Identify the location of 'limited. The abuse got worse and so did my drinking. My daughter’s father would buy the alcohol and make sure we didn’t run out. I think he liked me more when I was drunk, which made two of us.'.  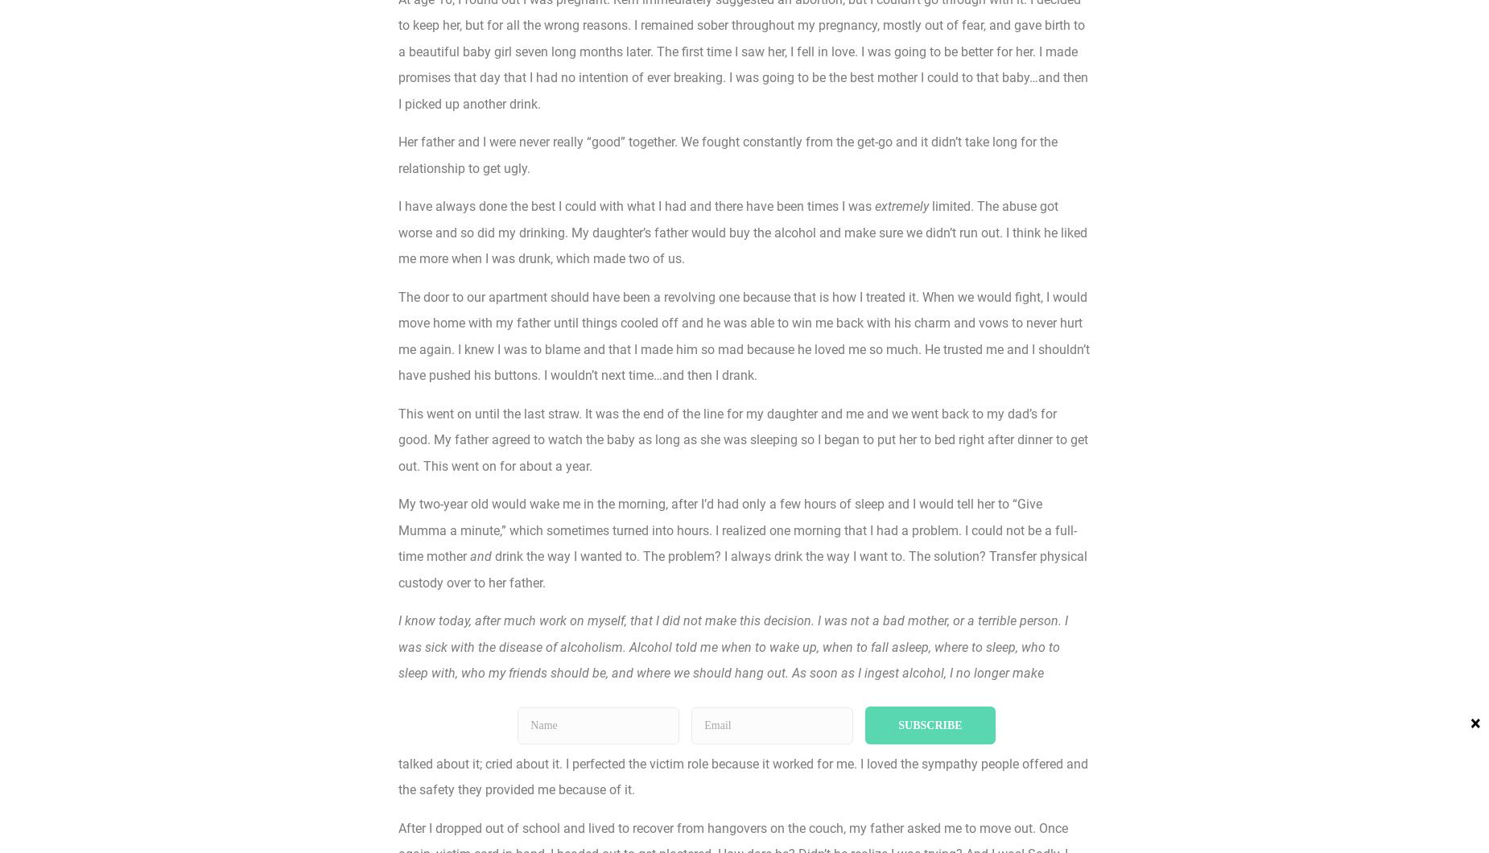
(742, 232).